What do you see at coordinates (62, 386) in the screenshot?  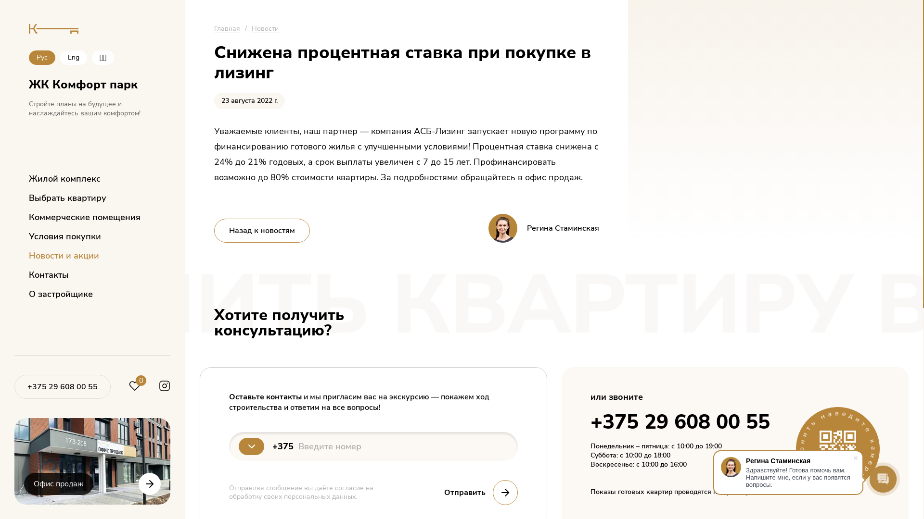 I see `'+375 29 608 00 55'` at bounding box center [62, 386].